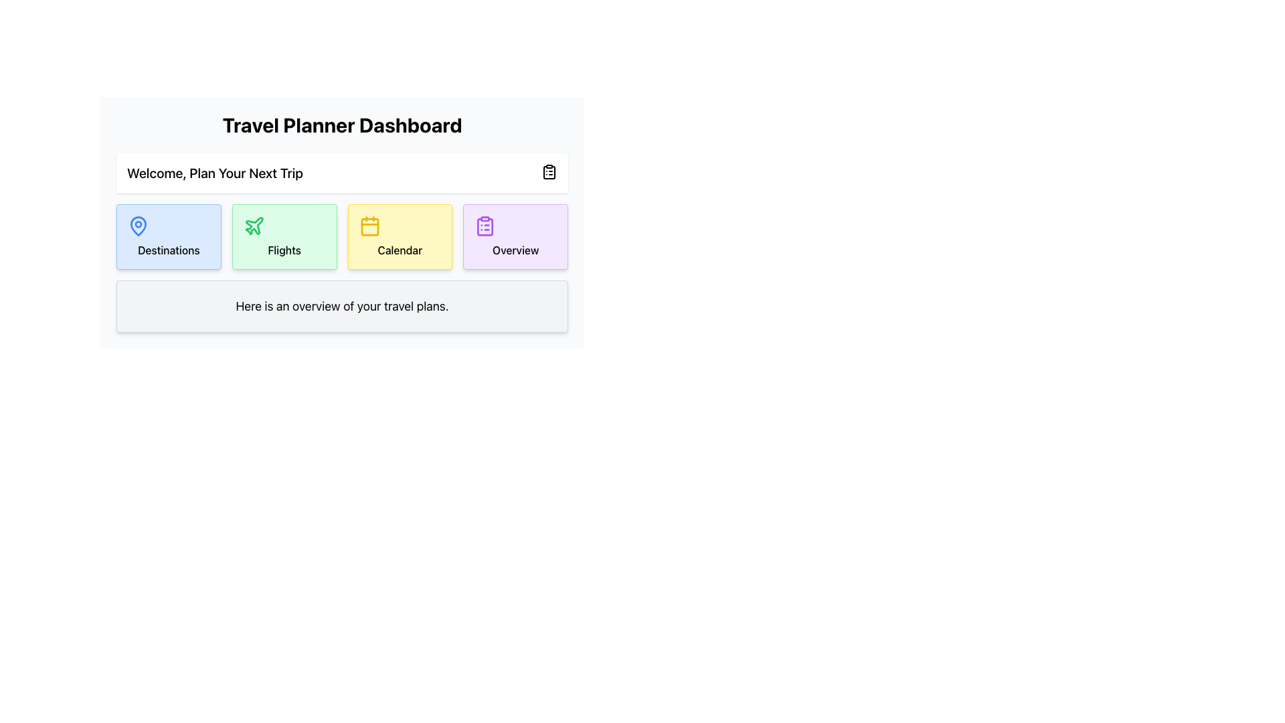 This screenshot has width=1285, height=723. Describe the element at coordinates (515, 250) in the screenshot. I see `the 'Overview' text label` at that location.